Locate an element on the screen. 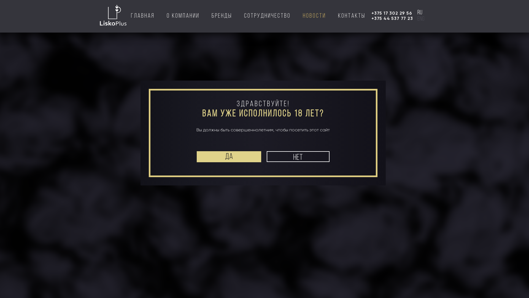  'RU' is located at coordinates (419, 12).